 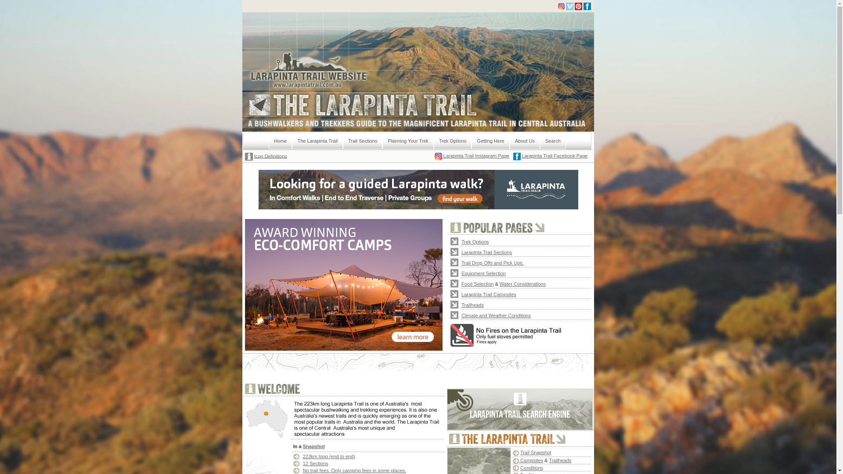 I want to click on 'The Larapinta Trail', so click(x=317, y=140).